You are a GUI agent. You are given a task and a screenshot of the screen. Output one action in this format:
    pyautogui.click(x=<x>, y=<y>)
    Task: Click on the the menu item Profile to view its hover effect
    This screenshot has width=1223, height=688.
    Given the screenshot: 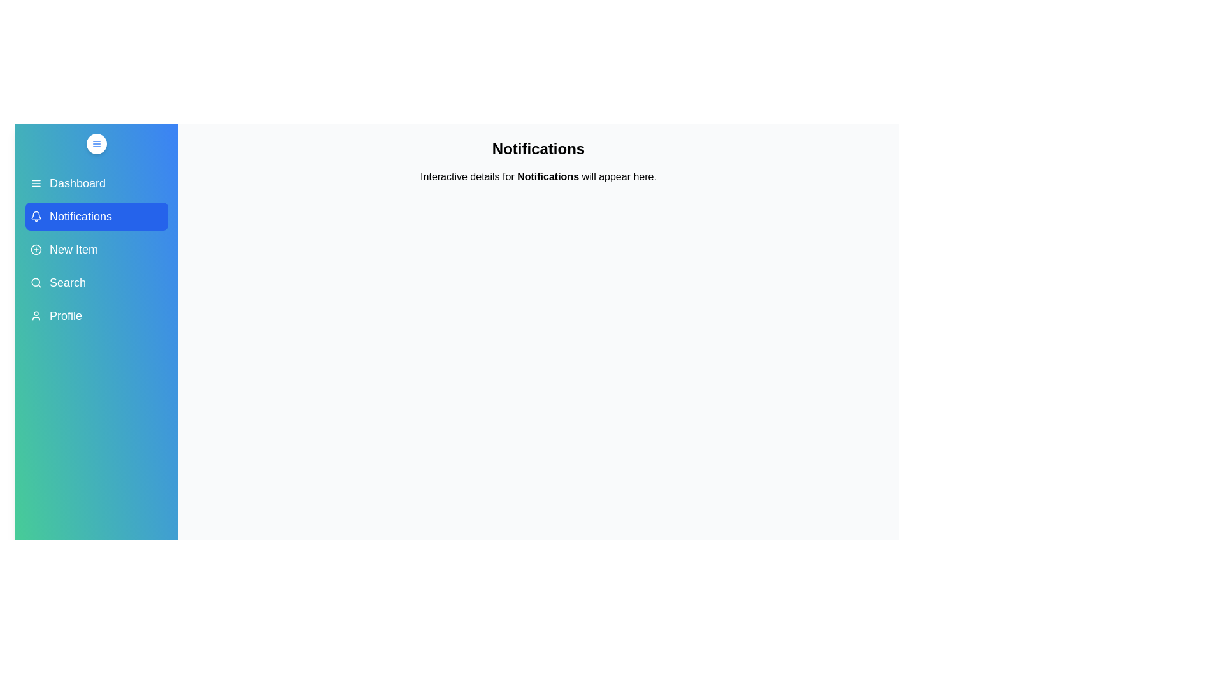 What is the action you would take?
    pyautogui.click(x=96, y=315)
    